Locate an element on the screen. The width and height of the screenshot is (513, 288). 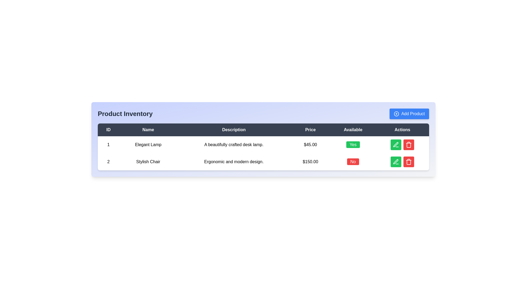
the green edit button in the actions column of the 'Product Inventory' table for the 'Elegant Lamp' item to modify the product details is located at coordinates (402, 145).